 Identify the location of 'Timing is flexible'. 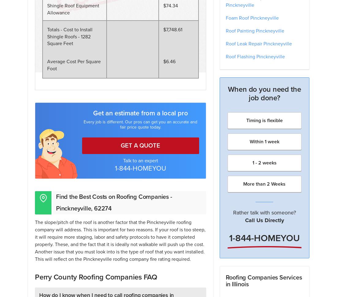
(264, 120).